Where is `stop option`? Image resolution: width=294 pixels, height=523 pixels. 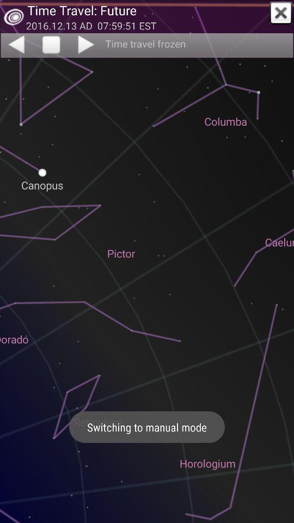 stop option is located at coordinates (51, 45).